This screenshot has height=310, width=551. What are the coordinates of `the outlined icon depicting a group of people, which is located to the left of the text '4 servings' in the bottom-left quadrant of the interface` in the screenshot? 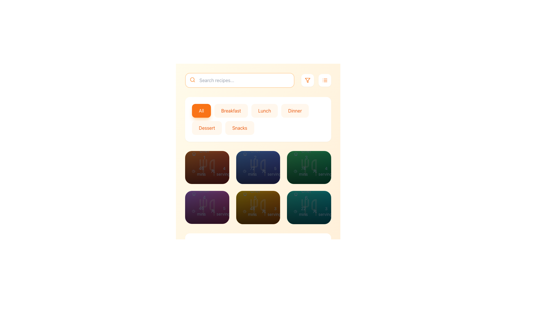 It's located at (213, 171).